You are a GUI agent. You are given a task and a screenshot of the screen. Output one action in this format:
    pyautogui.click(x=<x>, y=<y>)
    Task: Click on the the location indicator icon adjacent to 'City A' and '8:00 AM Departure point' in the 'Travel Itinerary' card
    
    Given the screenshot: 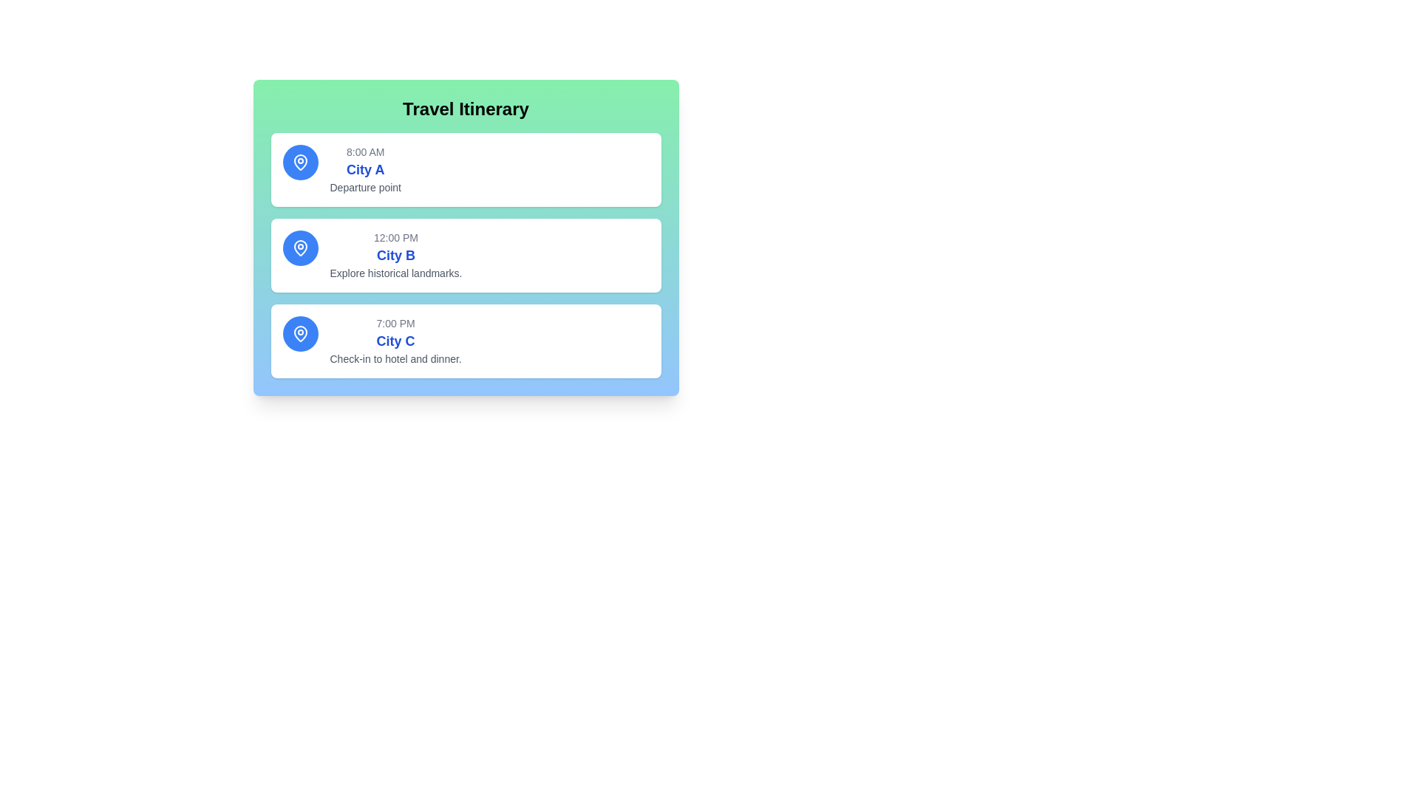 What is the action you would take?
    pyautogui.click(x=299, y=162)
    